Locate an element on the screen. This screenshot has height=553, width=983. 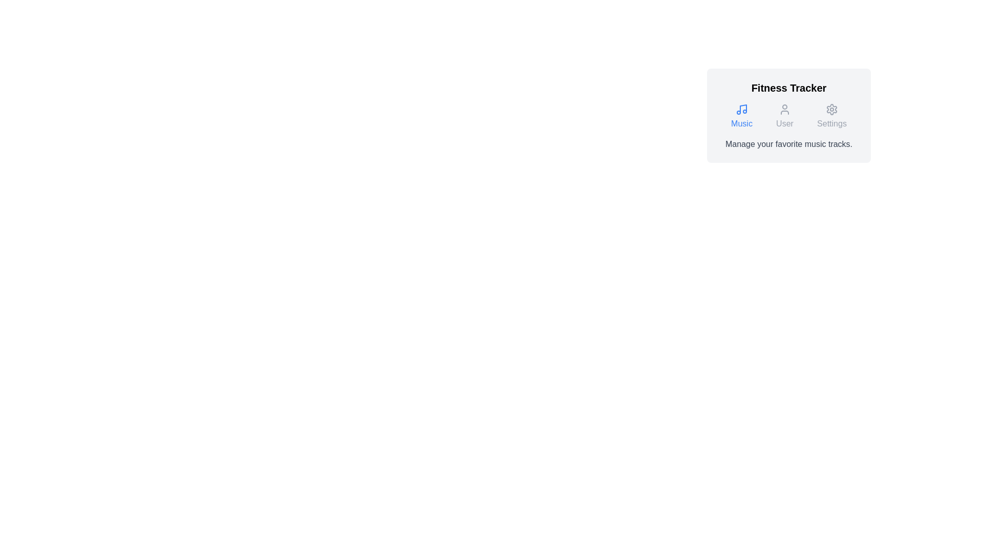
the text label reading 'User', which is centrally aligned under the user icon in a three-option layout is located at coordinates (784, 123).